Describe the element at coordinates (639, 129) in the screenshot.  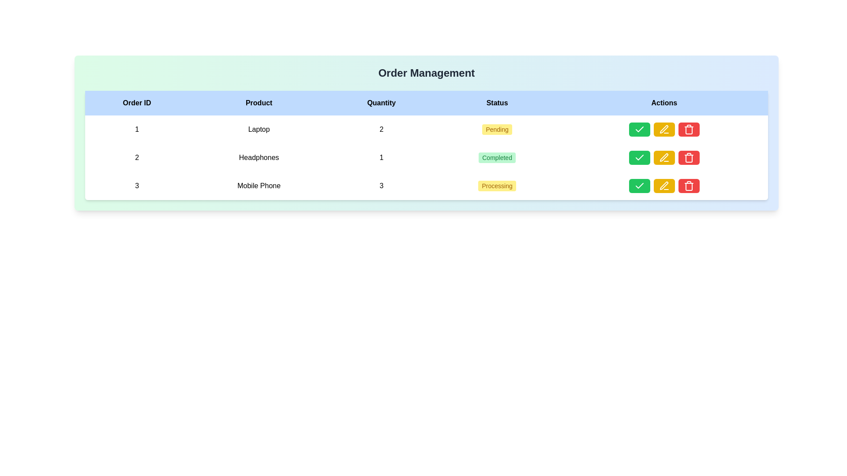
I see `the graphical checkmark icon representing the 'Completed' status for the 'Headphones' product entry in the 'Actions' column of the second row` at that location.